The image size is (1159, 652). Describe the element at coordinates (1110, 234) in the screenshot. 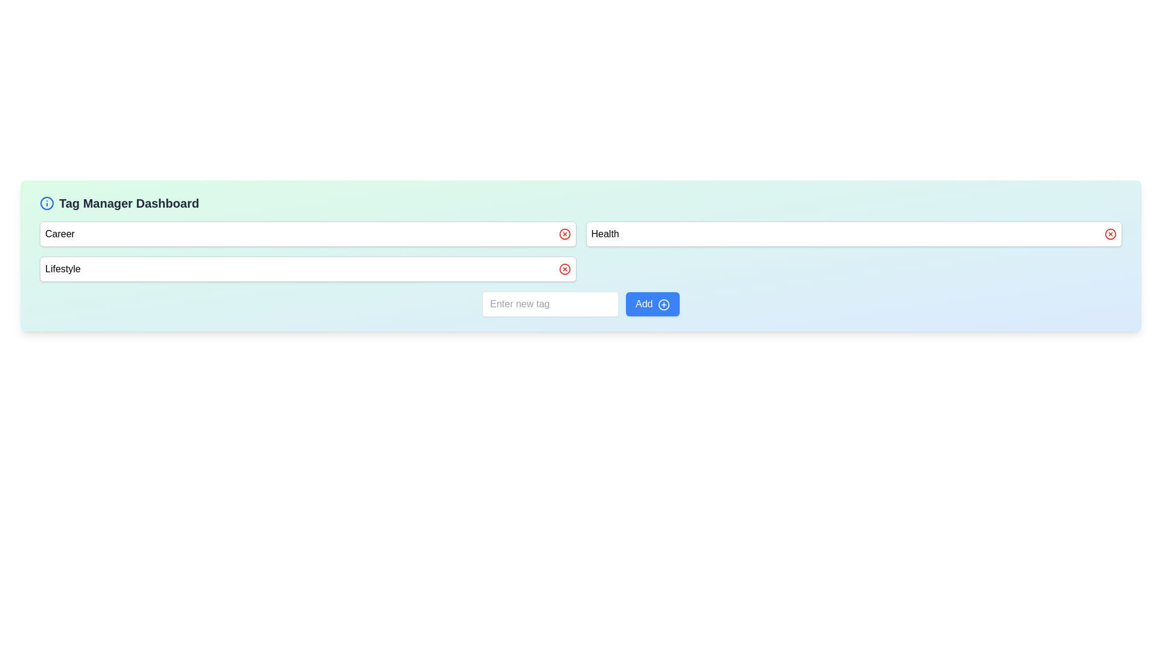

I see `the delete button located on the far right side of the 'Health' input field` at that location.